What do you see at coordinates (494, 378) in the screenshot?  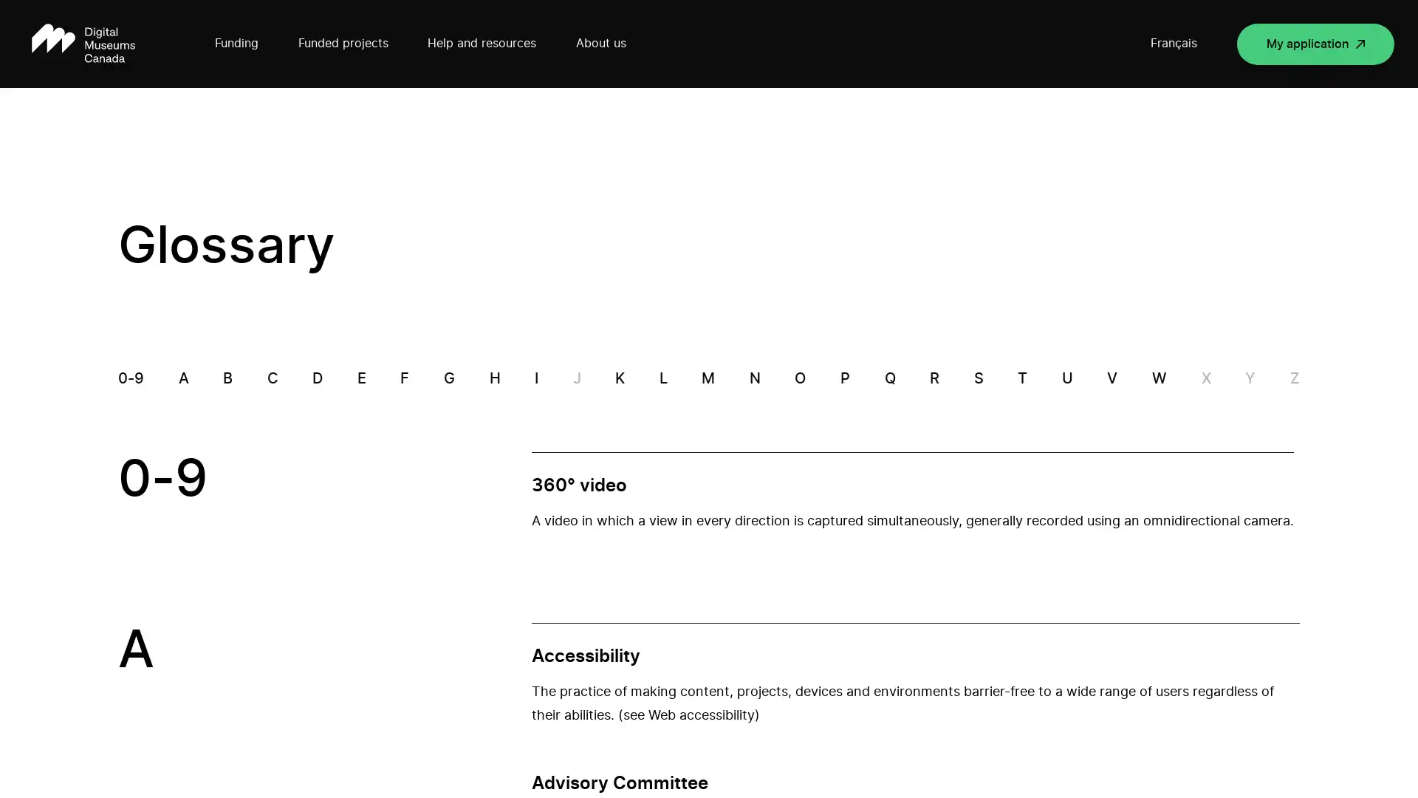 I see `H` at bounding box center [494, 378].